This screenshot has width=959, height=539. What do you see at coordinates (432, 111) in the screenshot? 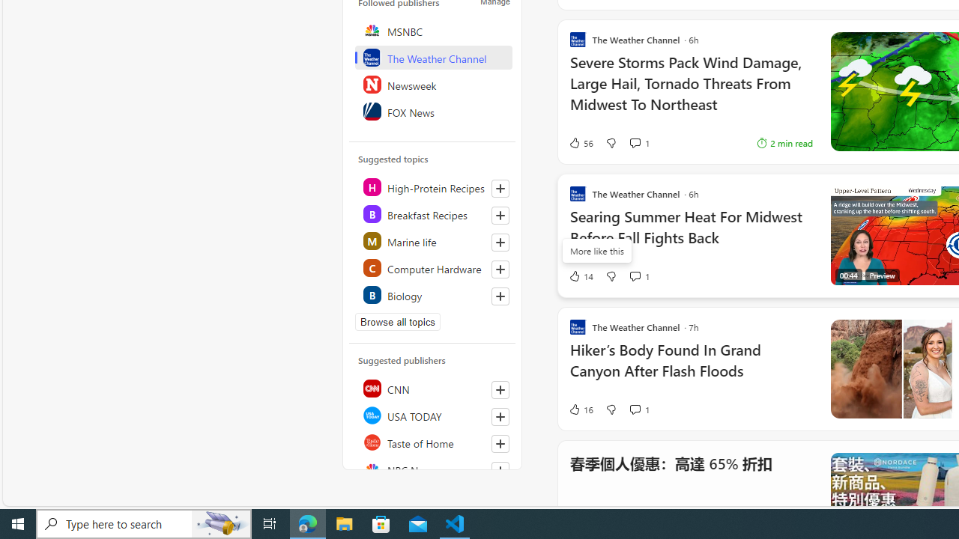
I see `'FOX News'` at bounding box center [432, 111].